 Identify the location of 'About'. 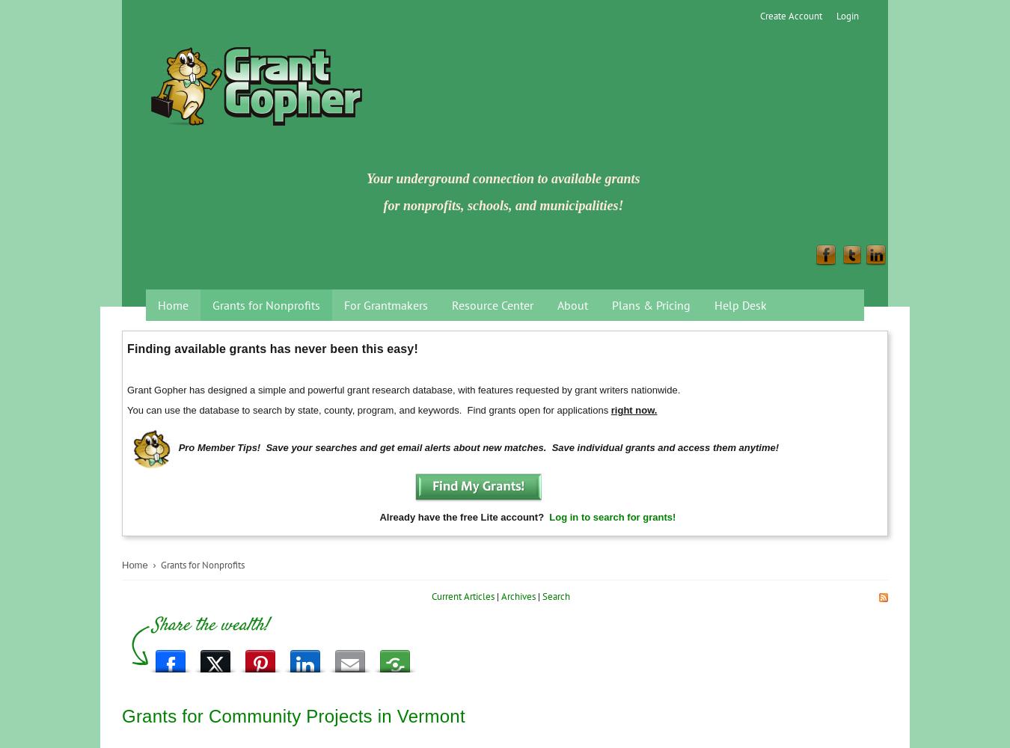
(572, 305).